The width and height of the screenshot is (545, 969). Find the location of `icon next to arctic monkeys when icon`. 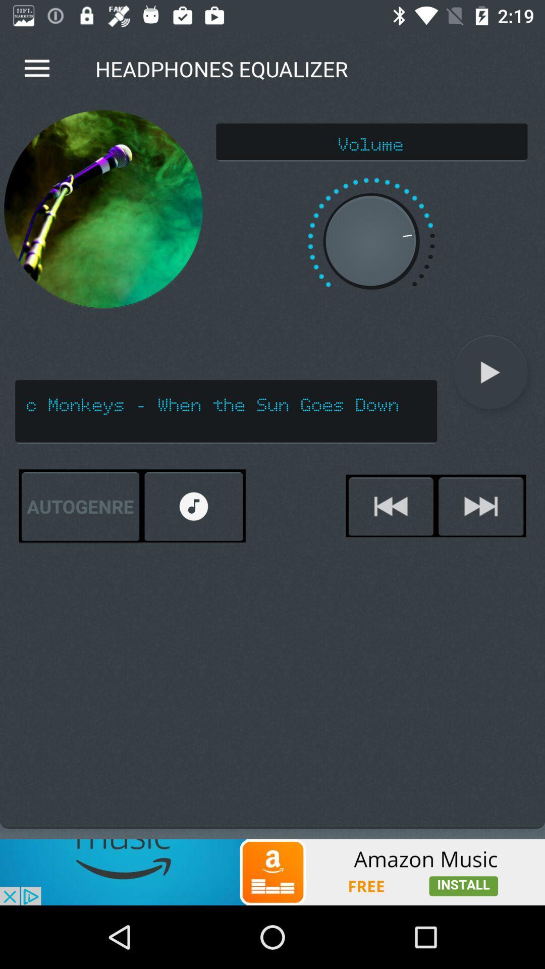

icon next to arctic monkeys when icon is located at coordinates (490, 372).